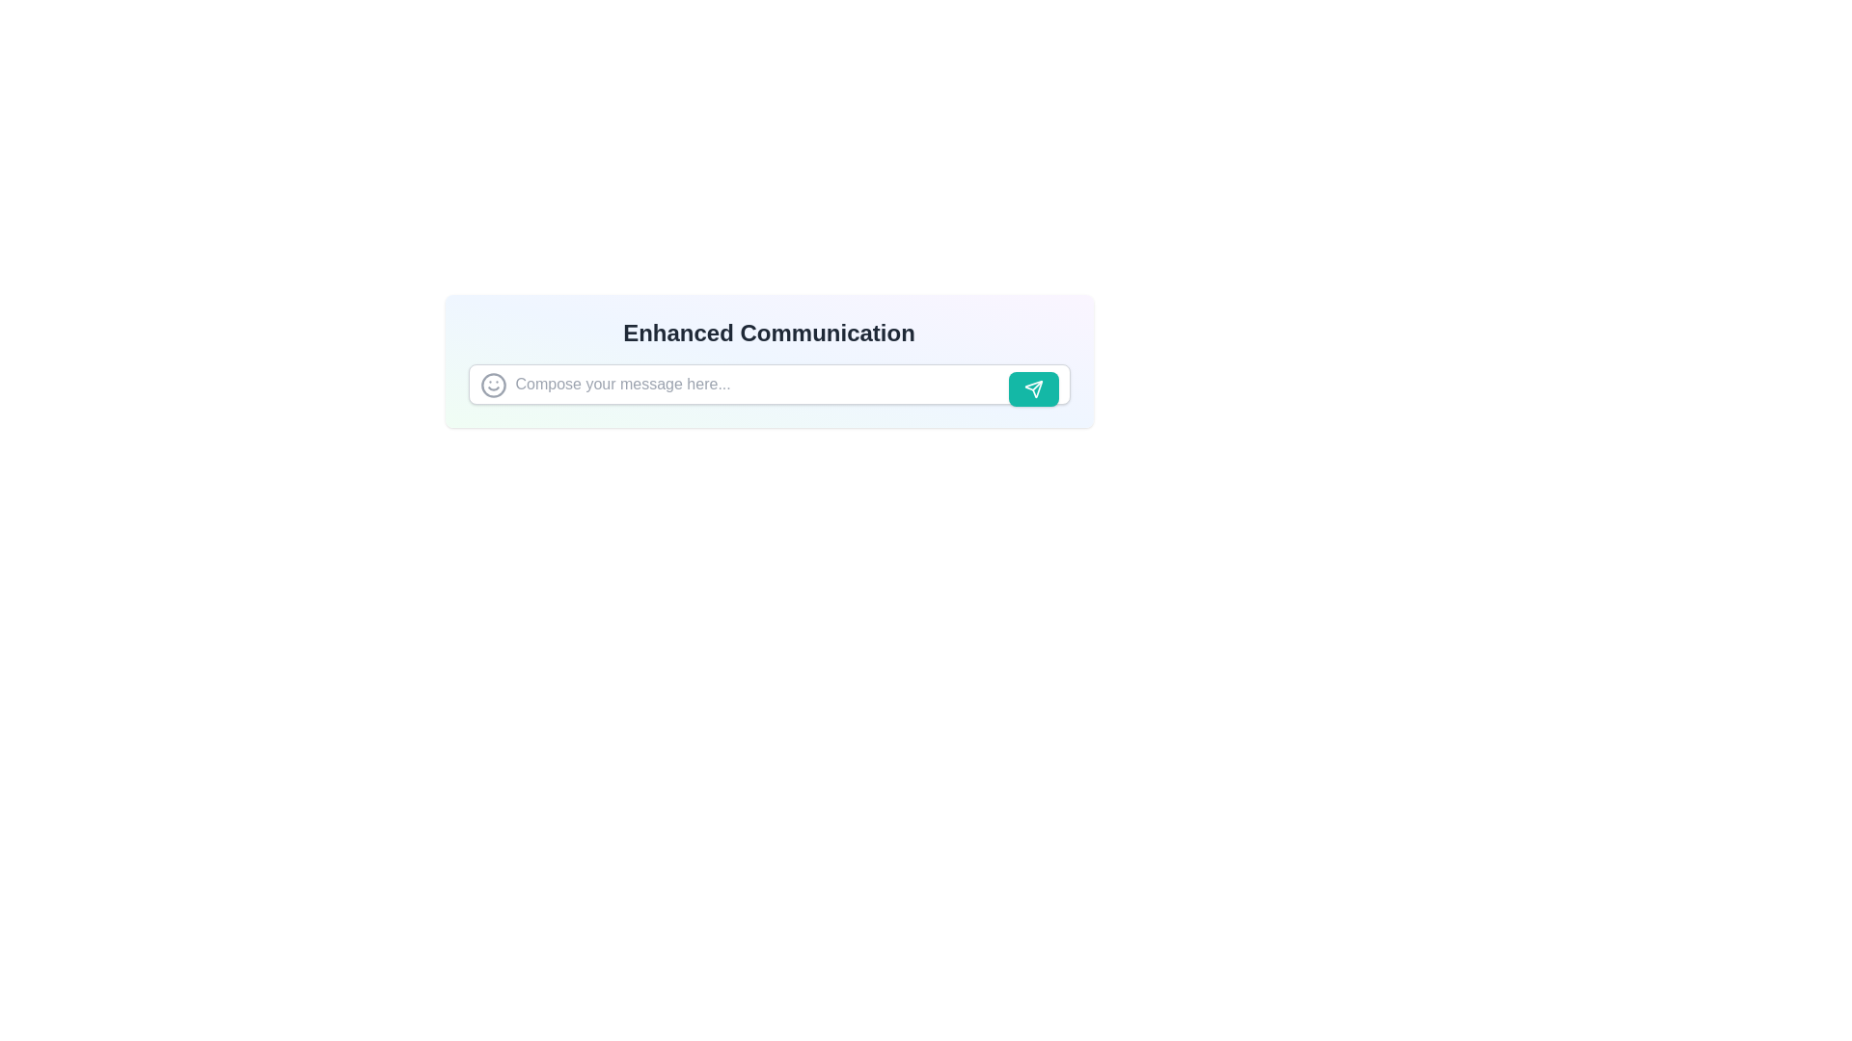 This screenshot has height=1041, width=1852. What do you see at coordinates (1032, 389) in the screenshot?
I see `the send button SVG icon within the teal button` at bounding box center [1032, 389].